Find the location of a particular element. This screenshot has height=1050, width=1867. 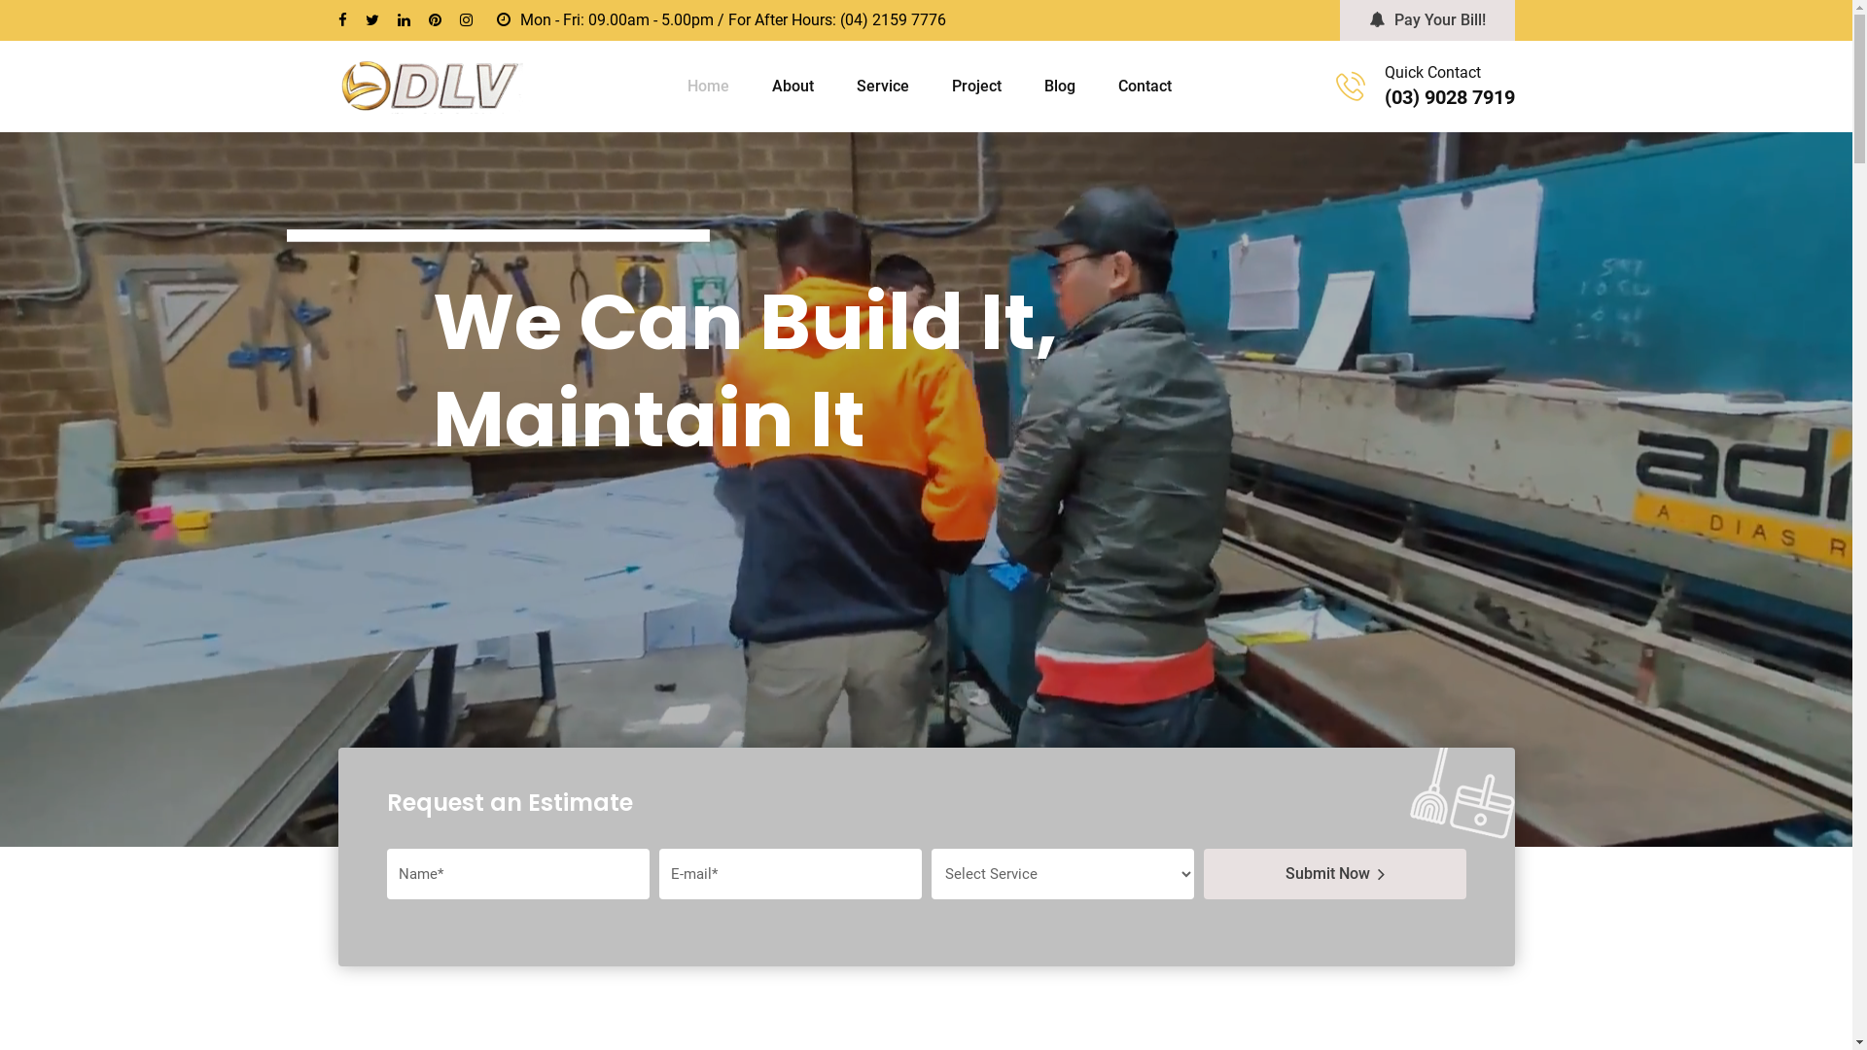

'About' is located at coordinates (793, 85).